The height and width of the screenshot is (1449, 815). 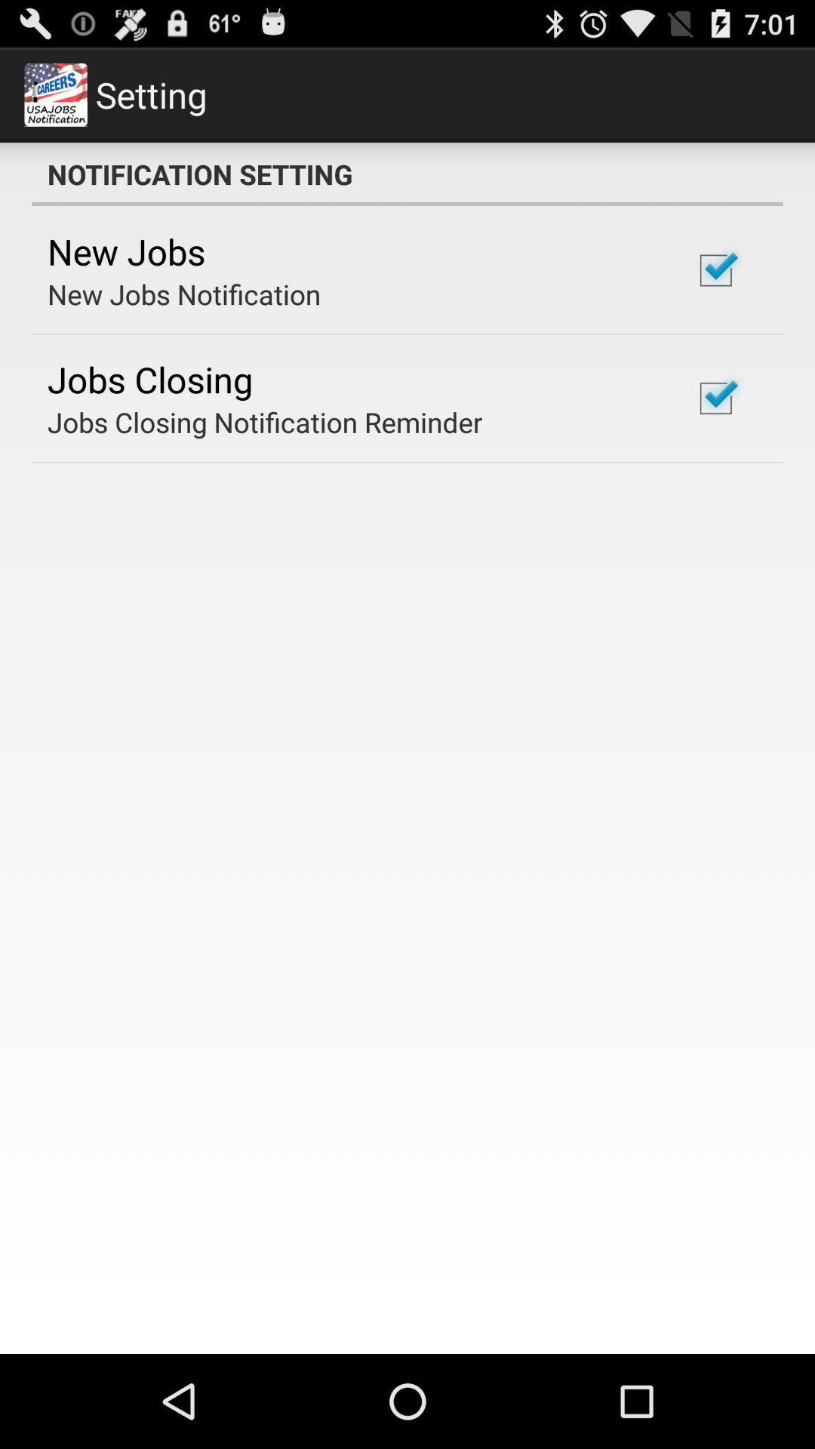 I want to click on the icon above the new jobs item, so click(x=407, y=174).